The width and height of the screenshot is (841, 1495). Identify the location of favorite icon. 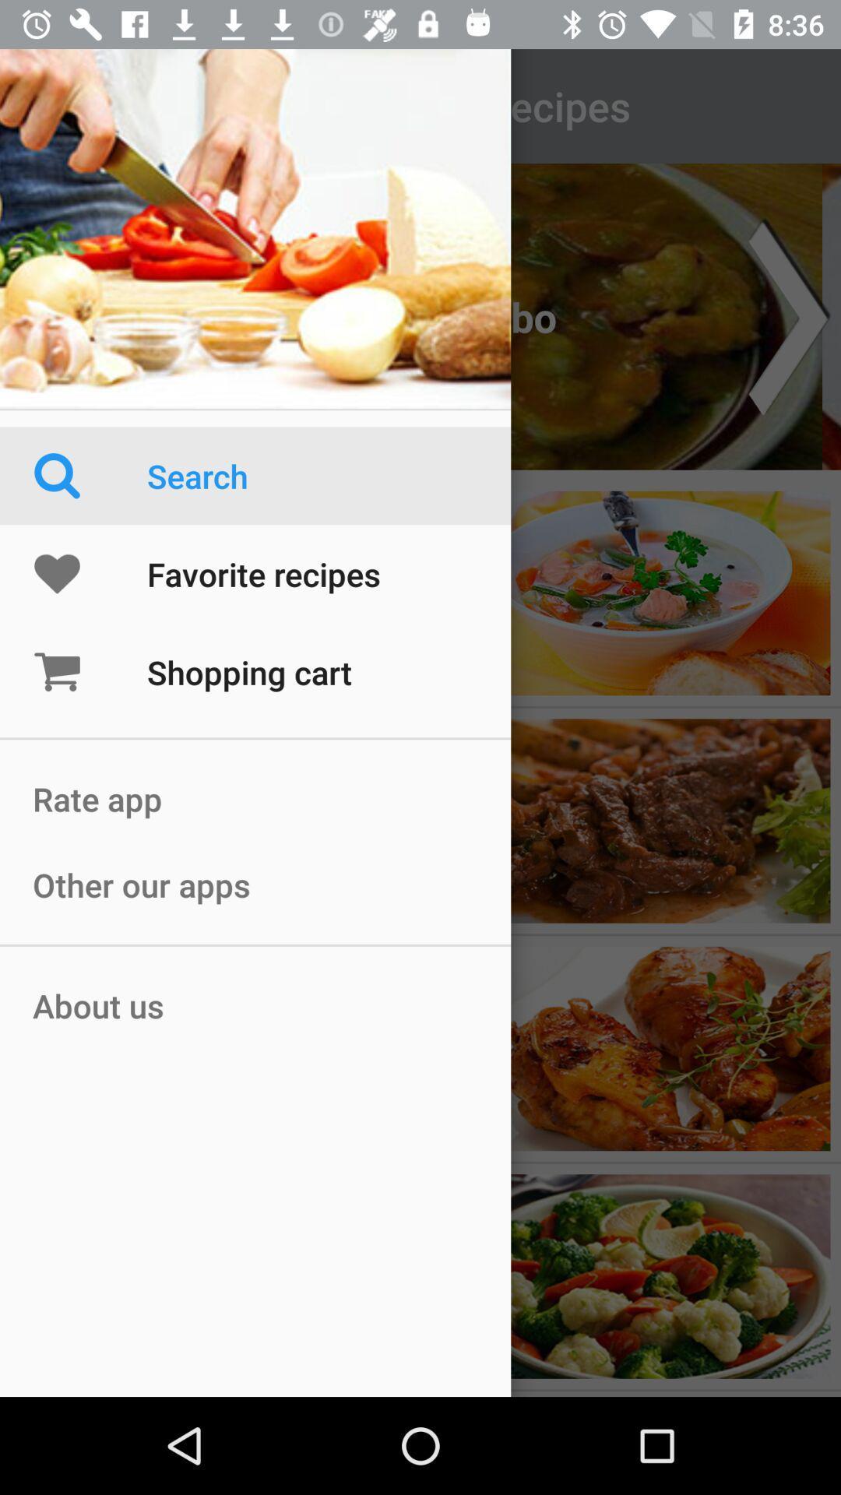
(90, 573).